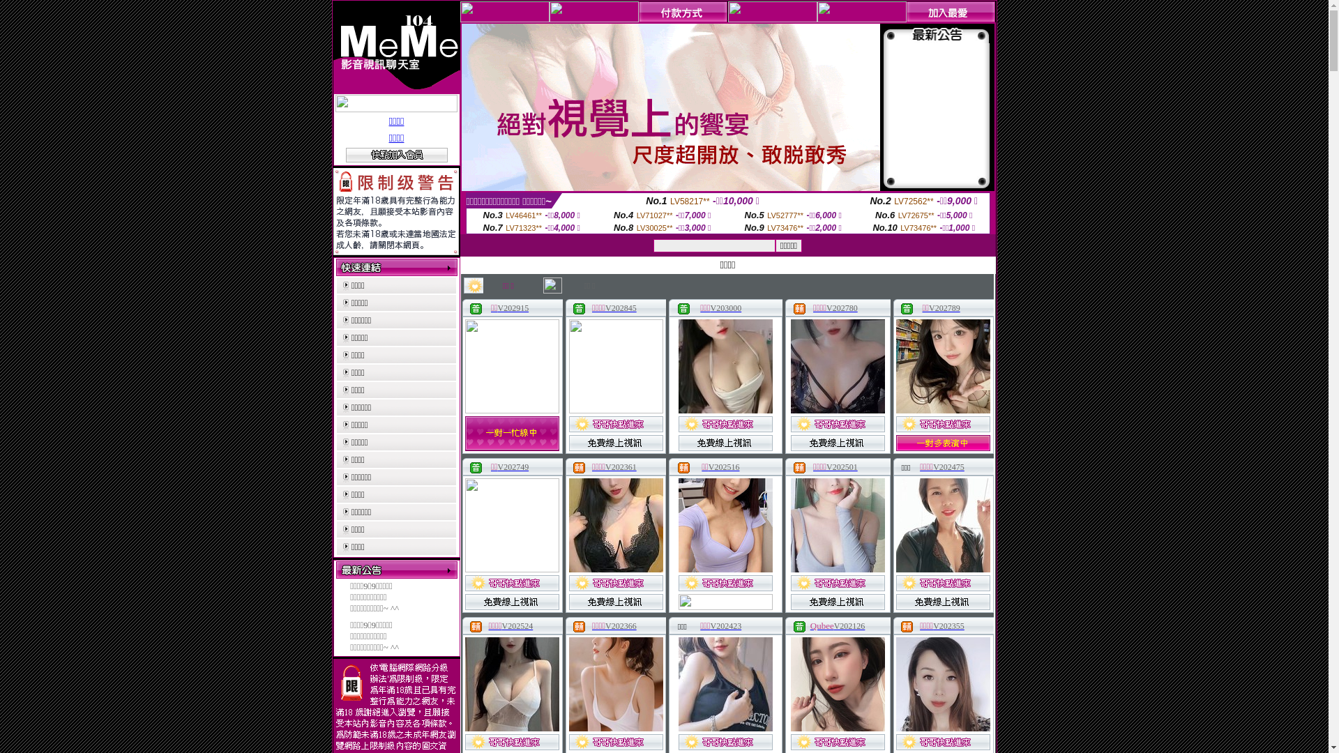 This screenshot has height=753, width=1339. What do you see at coordinates (933, 625) in the screenshot?
I see `'V202355'` at bounding box center [933, 625].